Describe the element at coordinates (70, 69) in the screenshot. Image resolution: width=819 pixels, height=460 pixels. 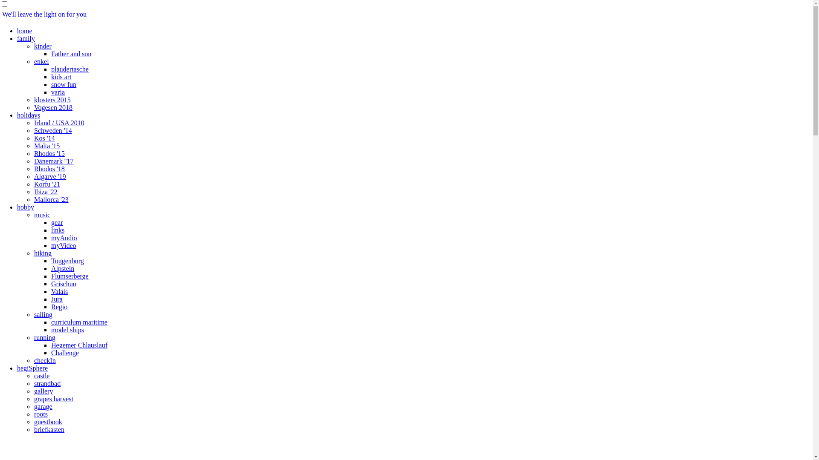
I see `'plaudertasche'` at that location.